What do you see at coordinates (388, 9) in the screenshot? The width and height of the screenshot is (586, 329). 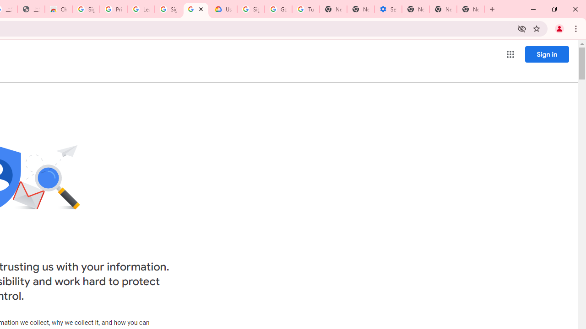 I see `'Settings - Addresses and more'` at bounding box center [388, 9].